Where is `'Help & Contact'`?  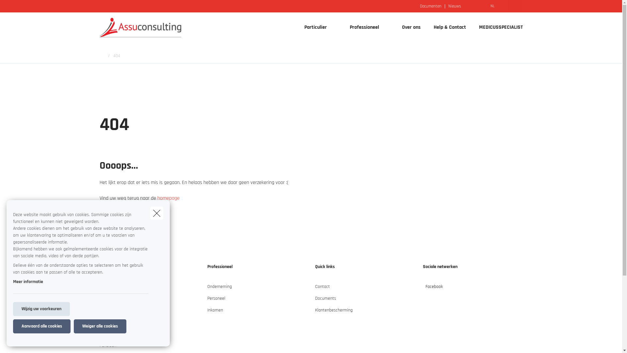
'Help & Contact' is located at coordinates (449, 27).